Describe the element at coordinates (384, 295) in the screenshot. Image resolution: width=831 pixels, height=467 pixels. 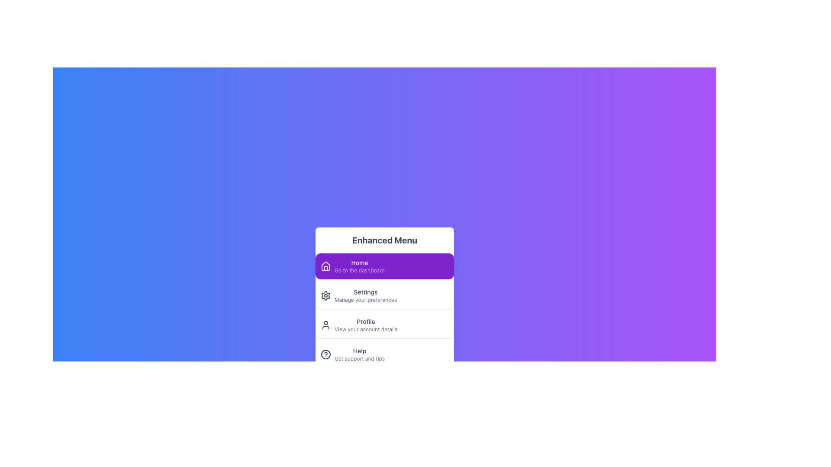
I see `the second button in the vertical sequence of options within the white panel titled 'Enhanced Menu'` at that location.